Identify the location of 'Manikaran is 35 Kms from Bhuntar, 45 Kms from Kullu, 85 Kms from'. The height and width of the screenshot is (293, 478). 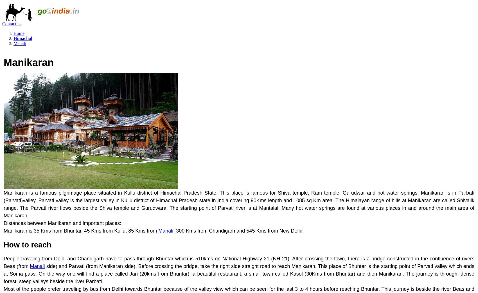
(81, 231).